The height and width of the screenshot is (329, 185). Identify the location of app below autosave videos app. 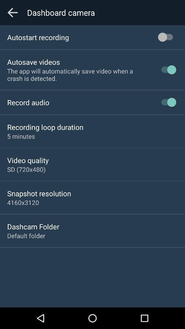
(78, 75).